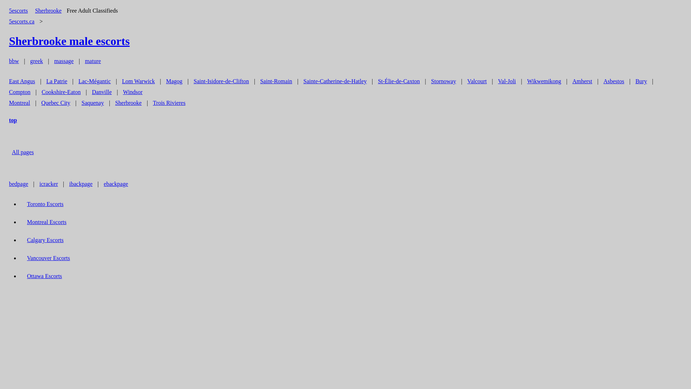  I want to click on 'massage', so click(64, 61).